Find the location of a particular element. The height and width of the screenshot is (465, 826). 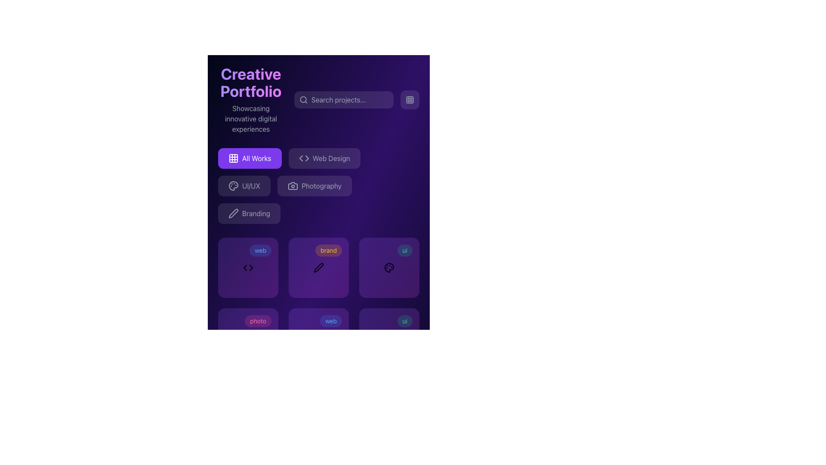

the square icon located in the top-left corner of a 3x3 grid arrangement, positioned to the right of a search bar icon and above a set of labeled buttons is located at coordinates (233, 158).